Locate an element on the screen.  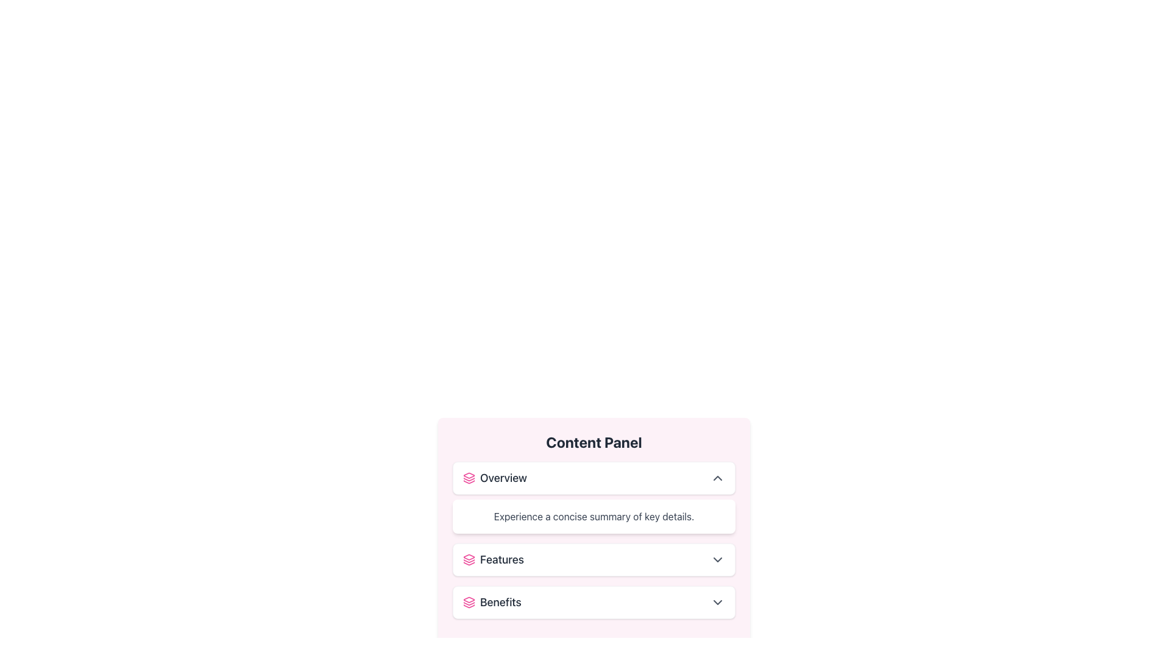
the small triangular icon with a pink outline located to the left of the 'Overview' label in the vertical list of graphical representations is located at coordinates (468, 599).